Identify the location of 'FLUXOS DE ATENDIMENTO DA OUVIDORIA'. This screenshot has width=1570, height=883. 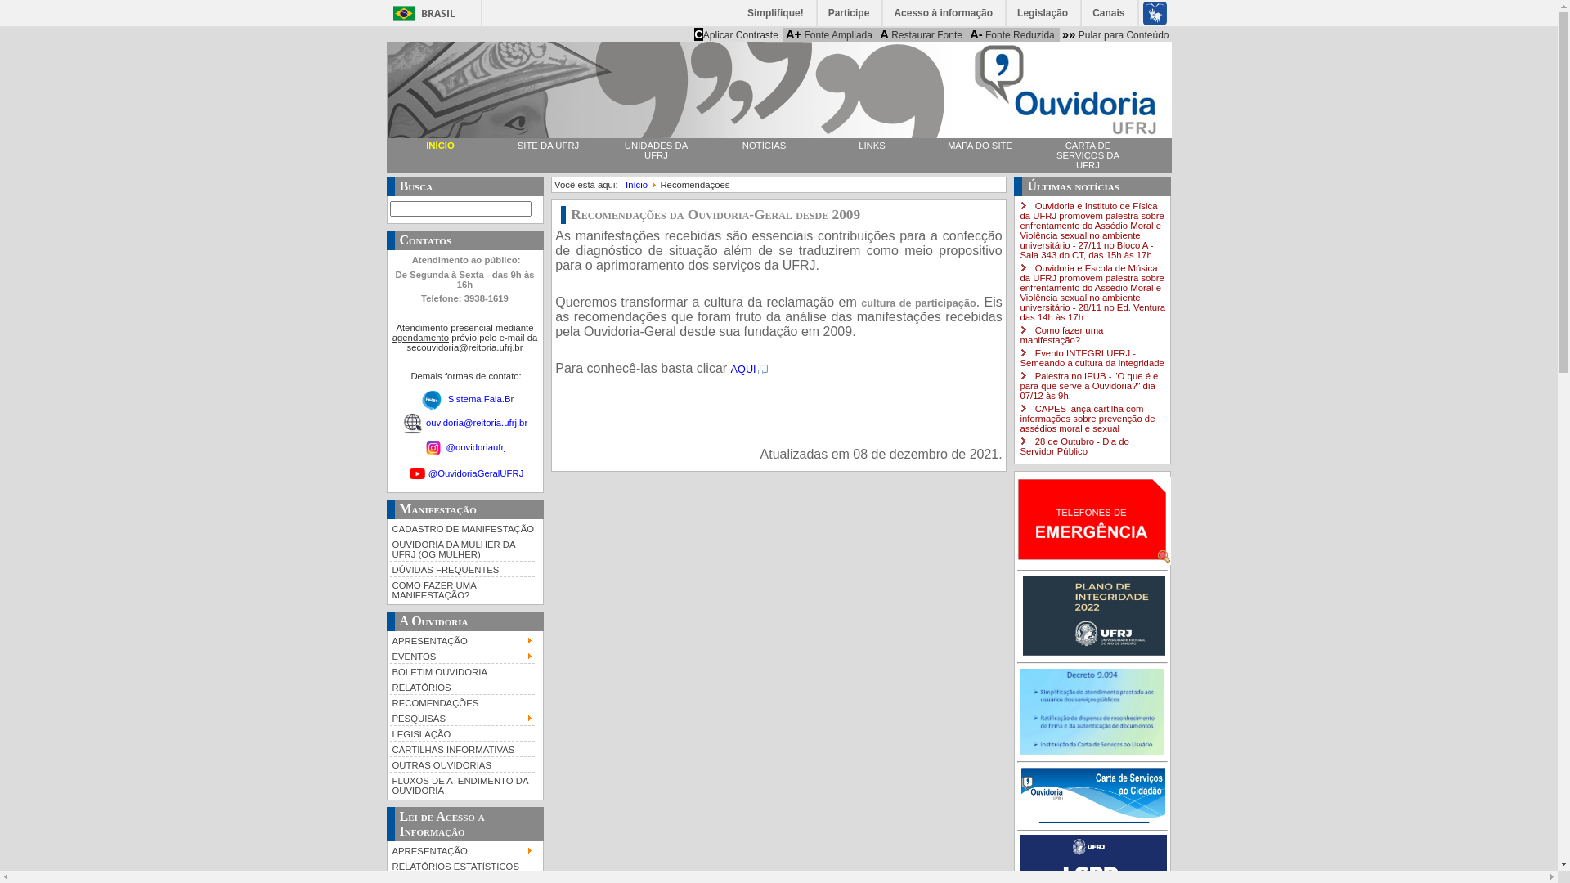
(461, 783).